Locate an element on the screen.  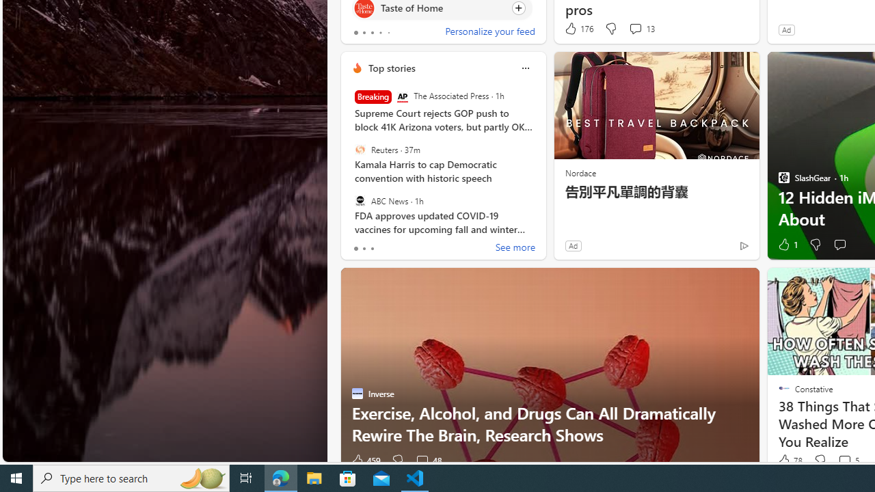
'tab-1' is located at coordinates (364, 248).